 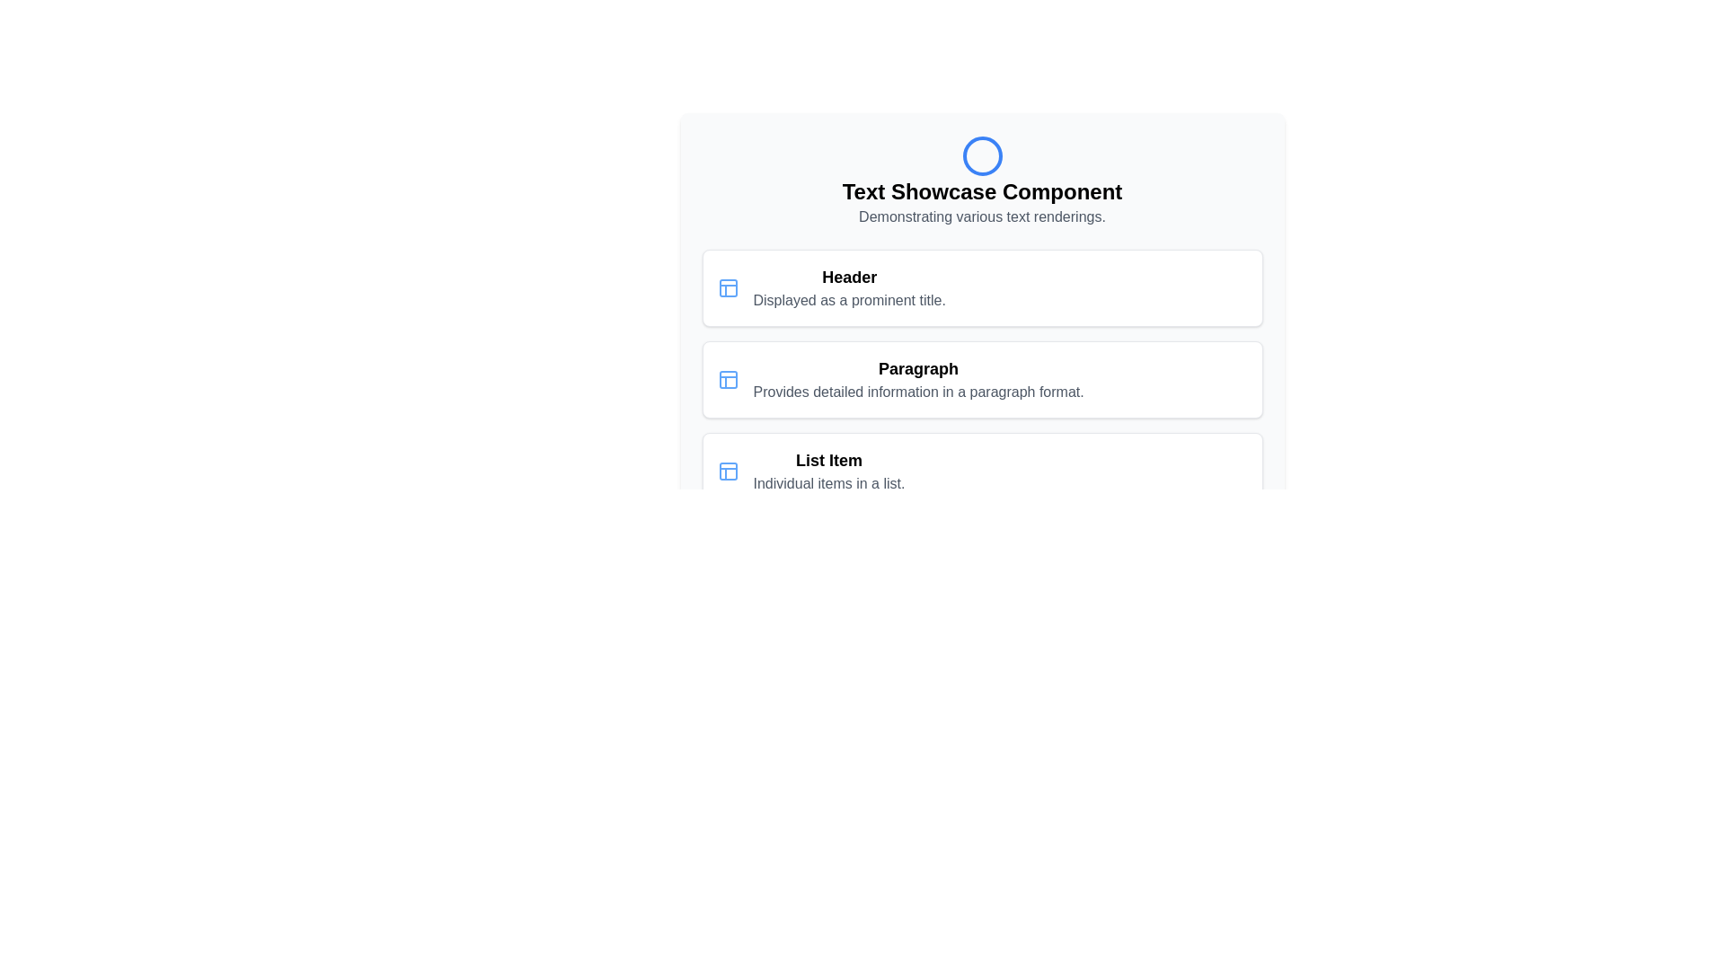 I want to click on descriptive text located immediately below the 'Paragraph' heading, which provides additional information or guidance about paragraph-related content, so click(x=918, y=391).